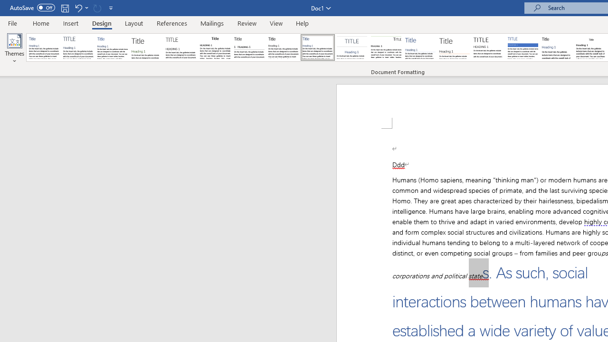 The image size is (608, 342). What do you see at coordinates (97, 8) in the screenshot?
I see `'Can'` at bounding box center [97, 8].